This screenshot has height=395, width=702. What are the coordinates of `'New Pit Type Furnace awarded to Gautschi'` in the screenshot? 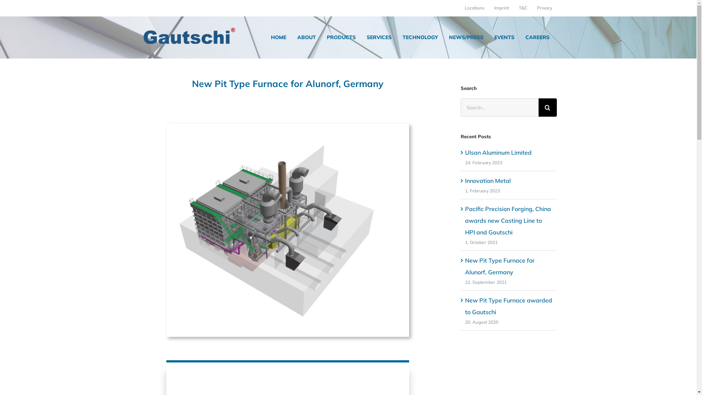 It's located at (508, 306).